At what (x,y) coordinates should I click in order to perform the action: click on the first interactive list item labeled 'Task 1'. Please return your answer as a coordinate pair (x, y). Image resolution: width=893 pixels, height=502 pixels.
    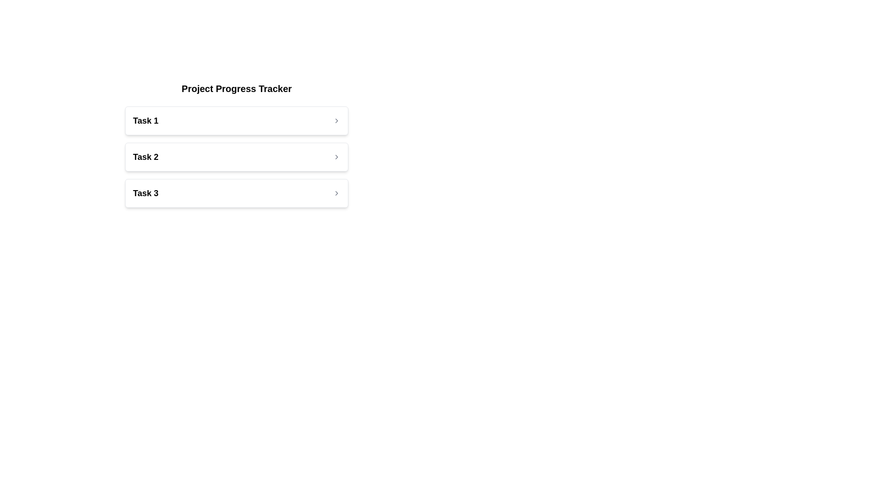
    Looking at the image, I should click on (236, 120).